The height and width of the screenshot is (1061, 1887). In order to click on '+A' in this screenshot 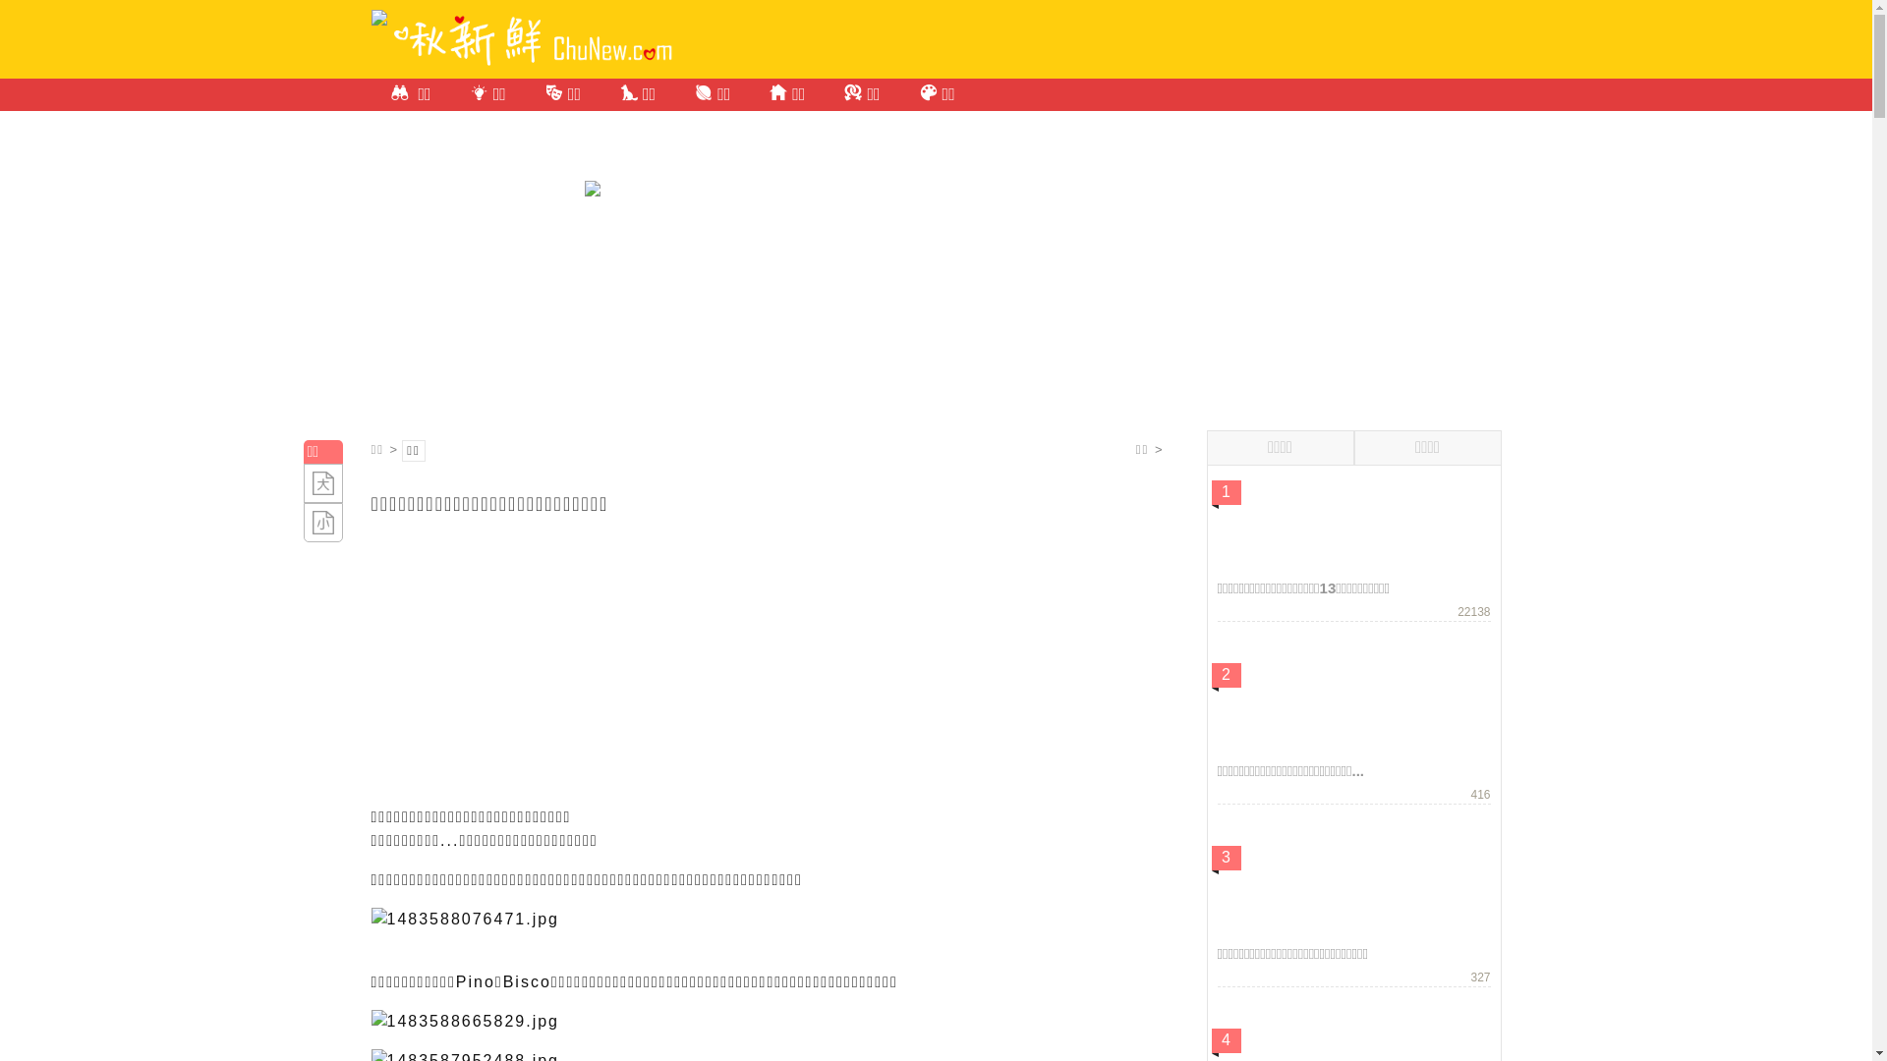, I will do `click(321, 483)`.